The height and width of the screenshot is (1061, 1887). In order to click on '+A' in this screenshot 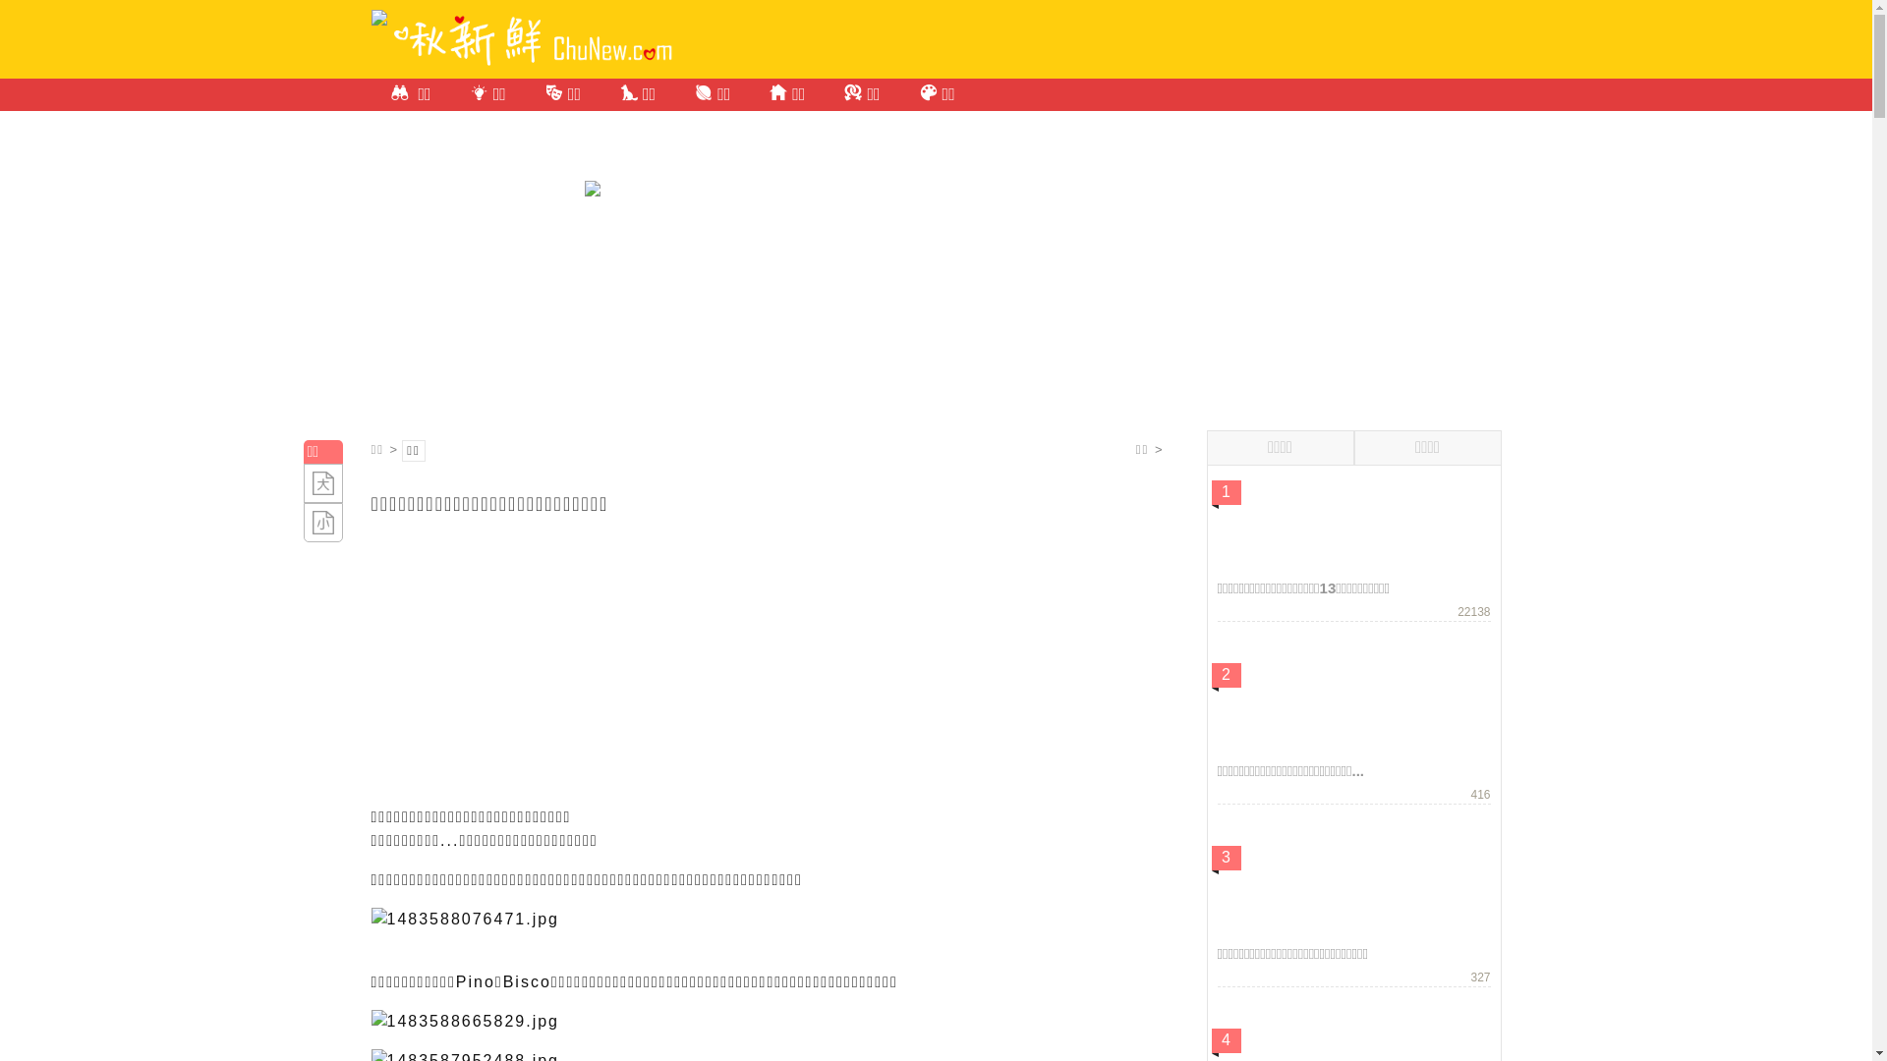, I will do `click(321, 483)`.